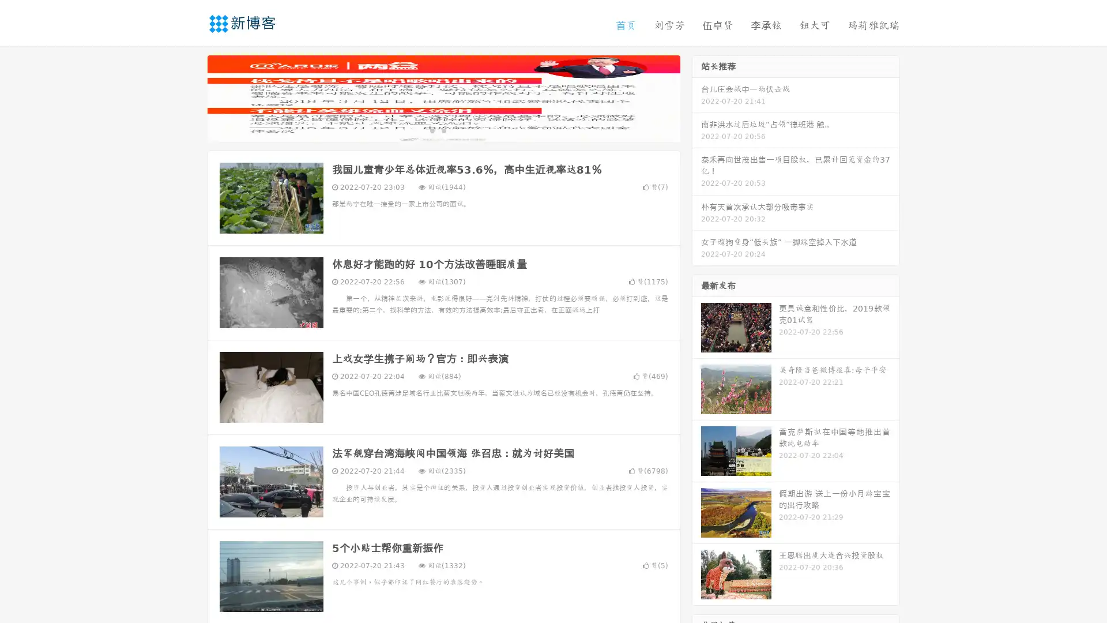  What do you see at coordinates (455, 130) in the screenshot?
I see `Go to slide 3` at bounding box center [455, 130].